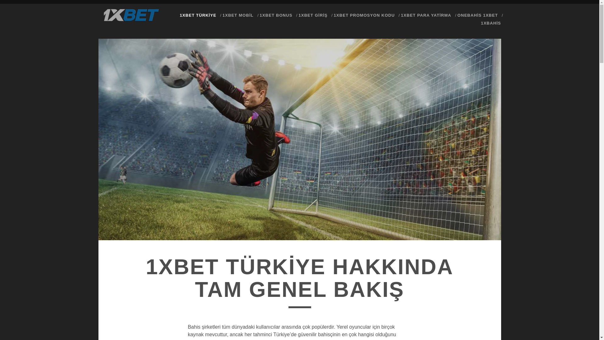 The height and width of the screenshot is (340, 604). Describe the element at coordinates (276, 15) in the screenshot. I see `'1XBET BONUS'` at that location.